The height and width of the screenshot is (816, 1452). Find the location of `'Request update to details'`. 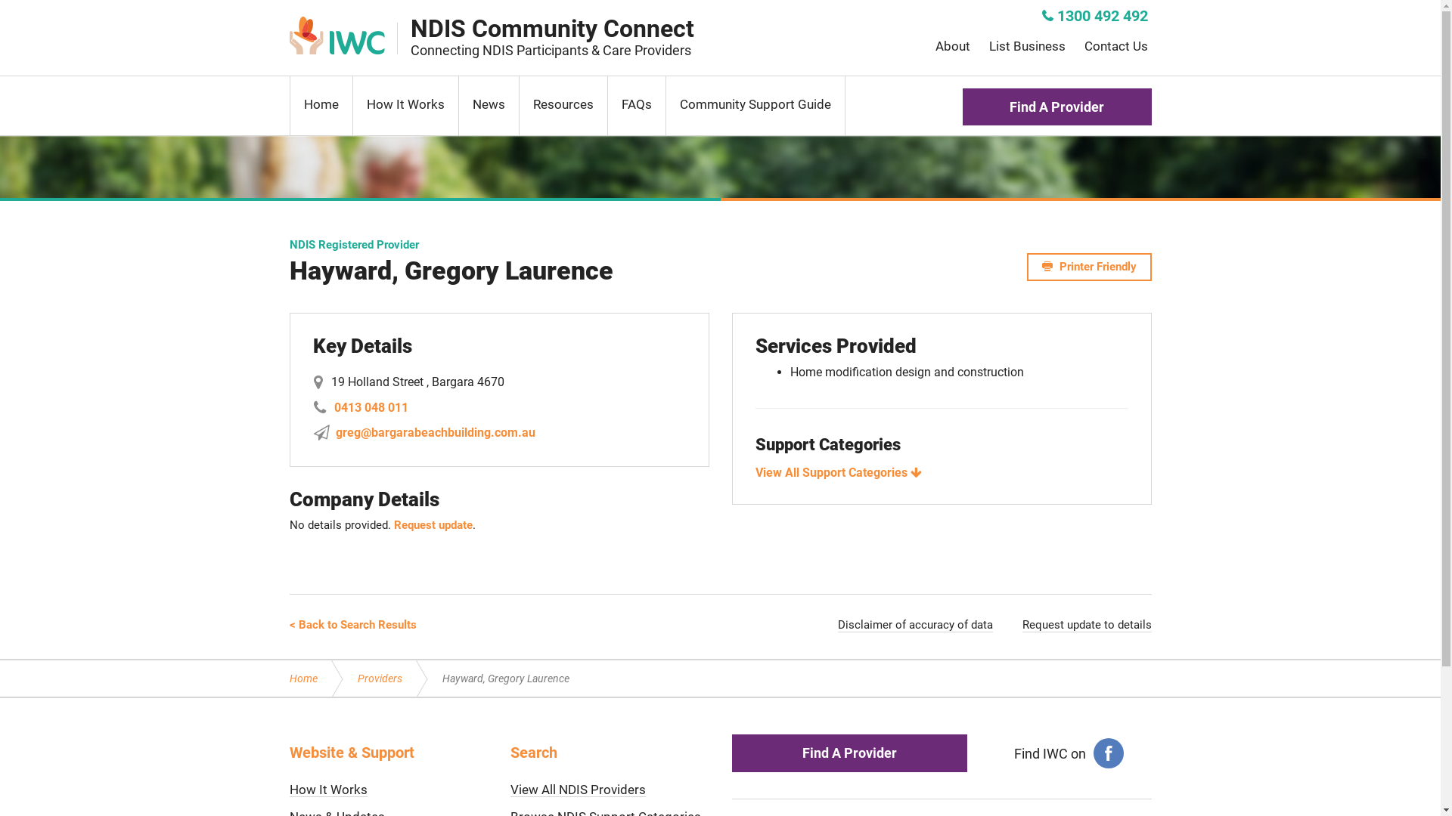

'Request update to details' is located at coordinates (1086, 625).